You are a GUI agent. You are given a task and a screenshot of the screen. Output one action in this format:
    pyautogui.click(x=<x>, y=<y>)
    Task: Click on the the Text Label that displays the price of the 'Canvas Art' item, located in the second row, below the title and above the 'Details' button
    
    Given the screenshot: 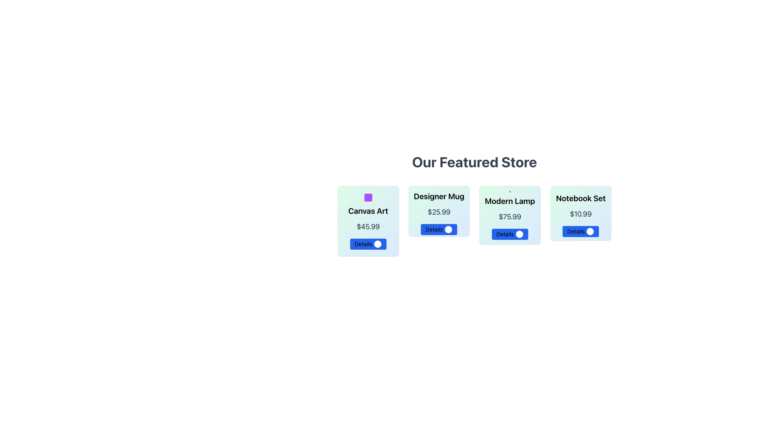 What is the action you would take?
    pyautogui.click(x=368, y=226)
    